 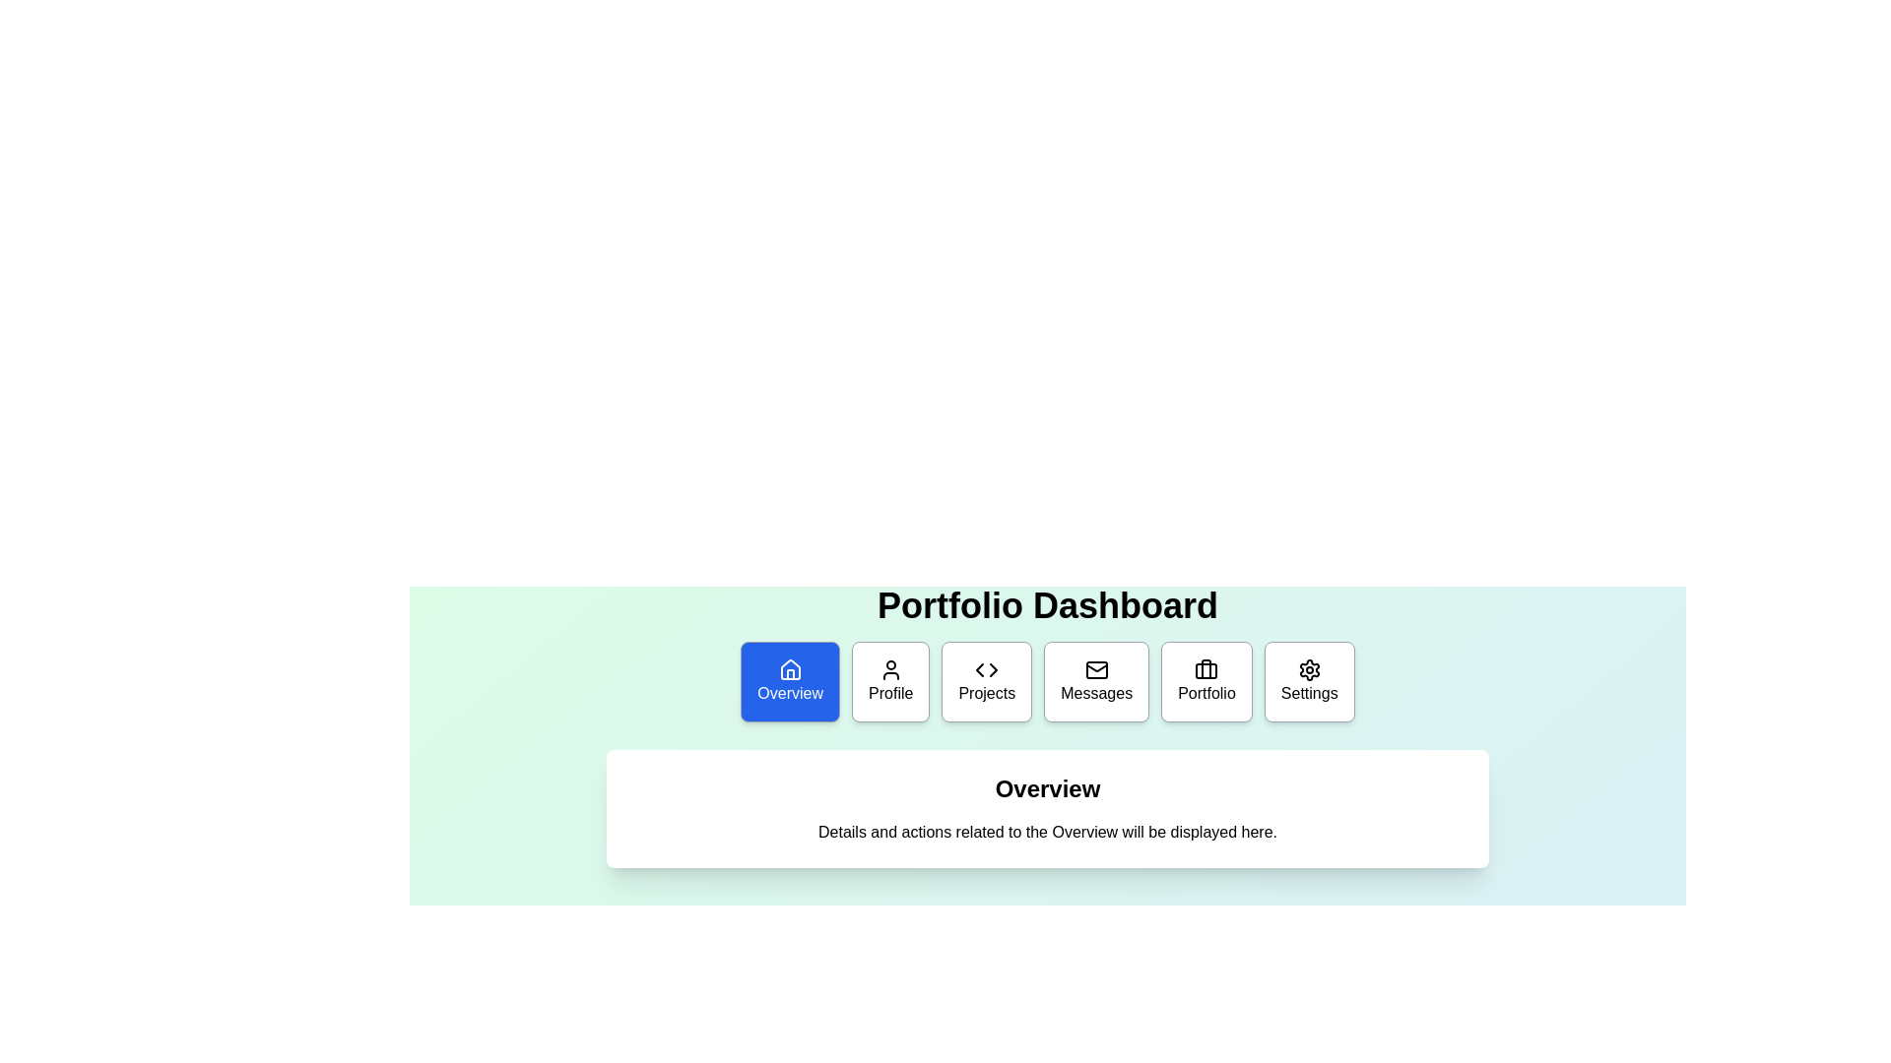 I want to click on the 'Projects' button, which is the third item in the menu row, featuring a code symbol and 'Projects' text, so click(x=987, y=681).